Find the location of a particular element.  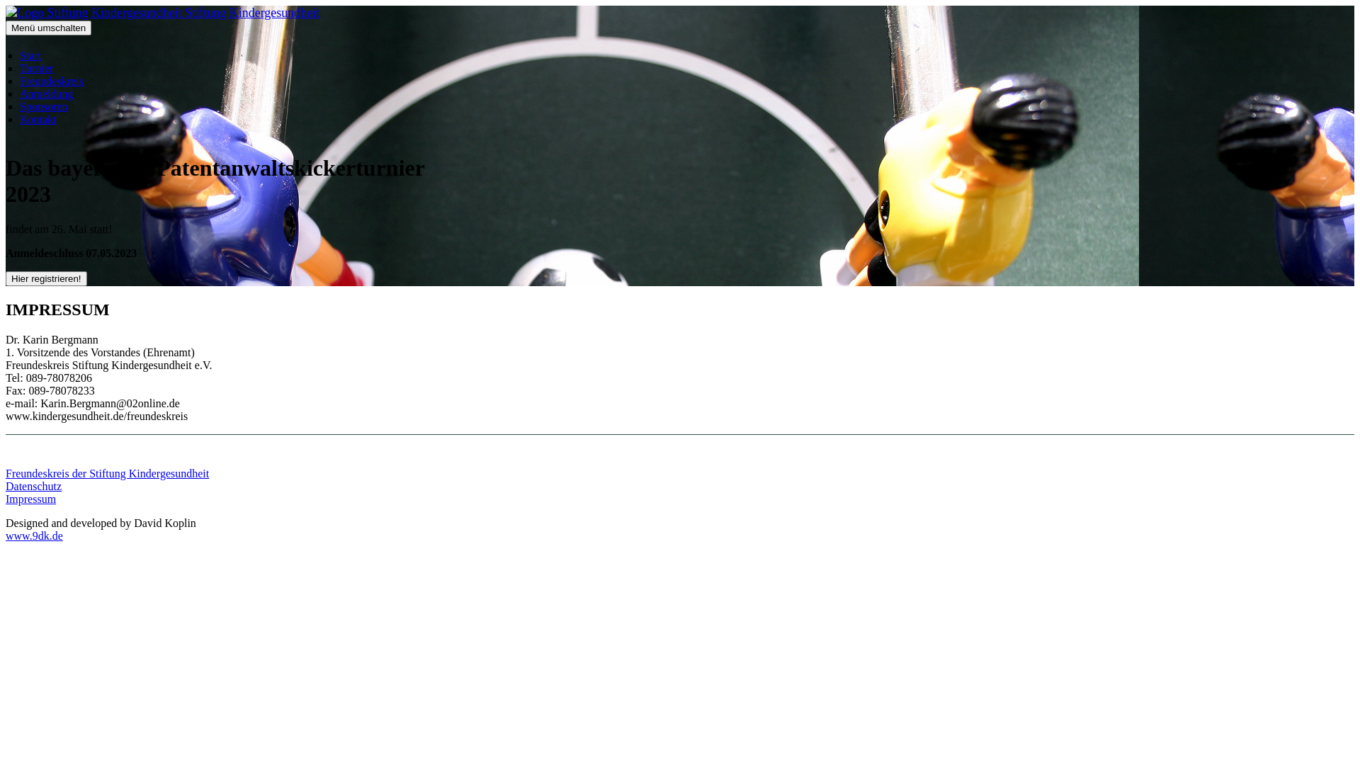

'Anmeldung' is located at coordinates (47, 93).